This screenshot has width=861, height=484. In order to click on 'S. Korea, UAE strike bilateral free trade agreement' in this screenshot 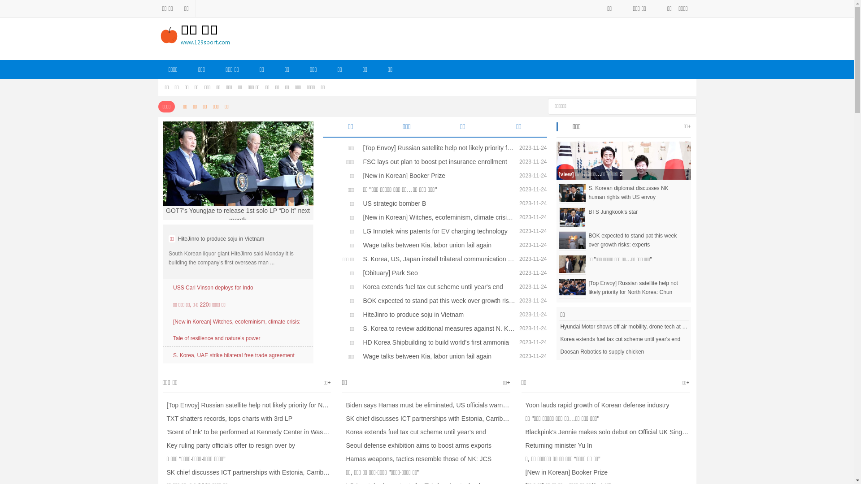, I will do `click(234, 355)`.